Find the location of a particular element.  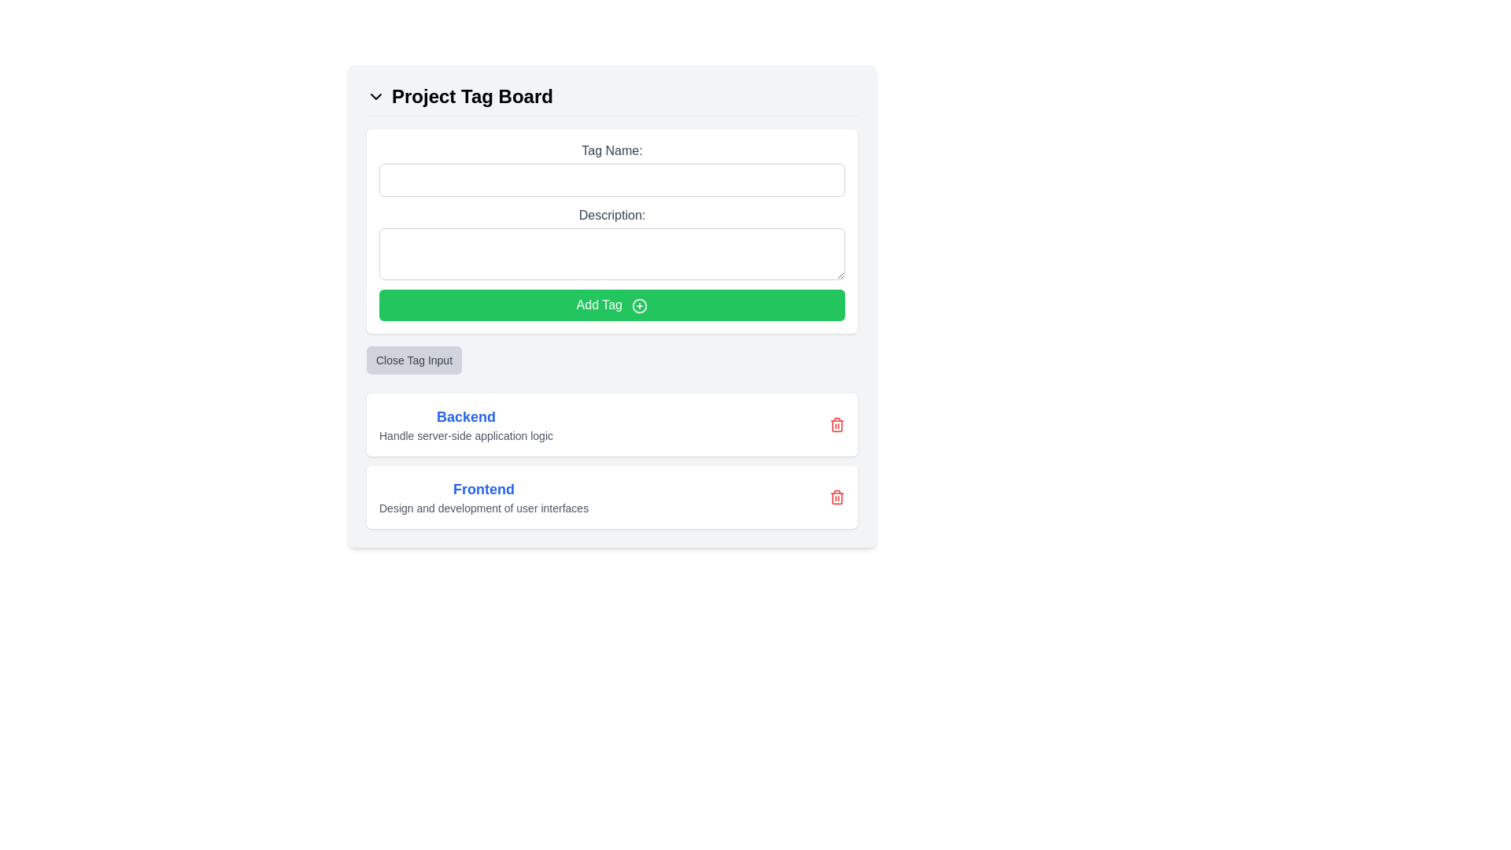

the descriptive text label located directly below the 'Frontend' title, which indicates 'Design and development of user interfaces.' is located at coordinates (483, 508).